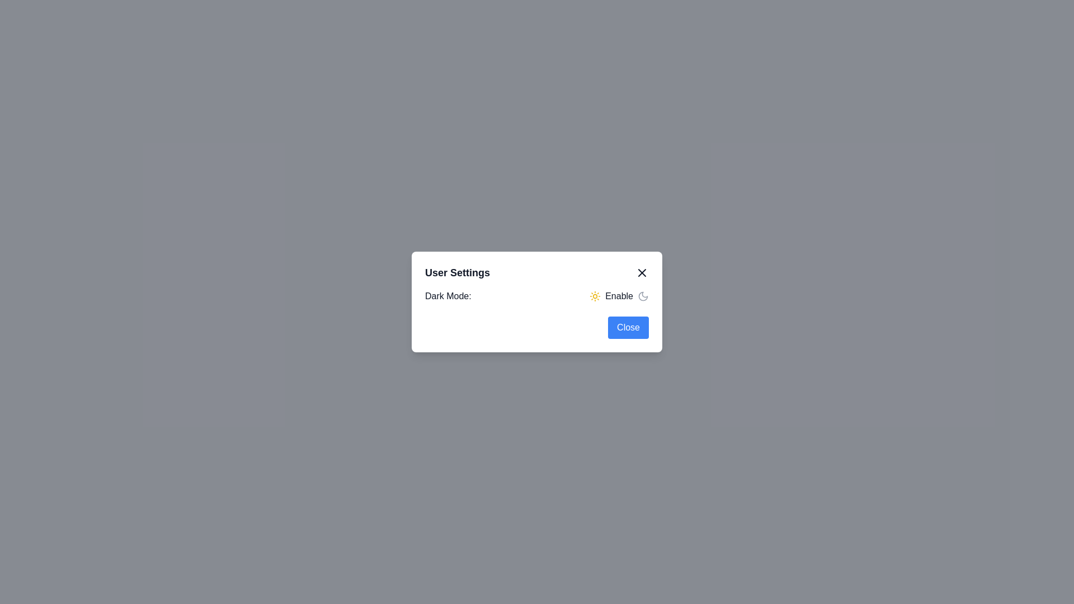 The width and height of the screenshot is (1074, 604). What do you see at coordinates (537, 302) in the screenshot?
I see `the interactive elements inside the 'User Settings' modal dialog box` at bounding box center [537, 302].